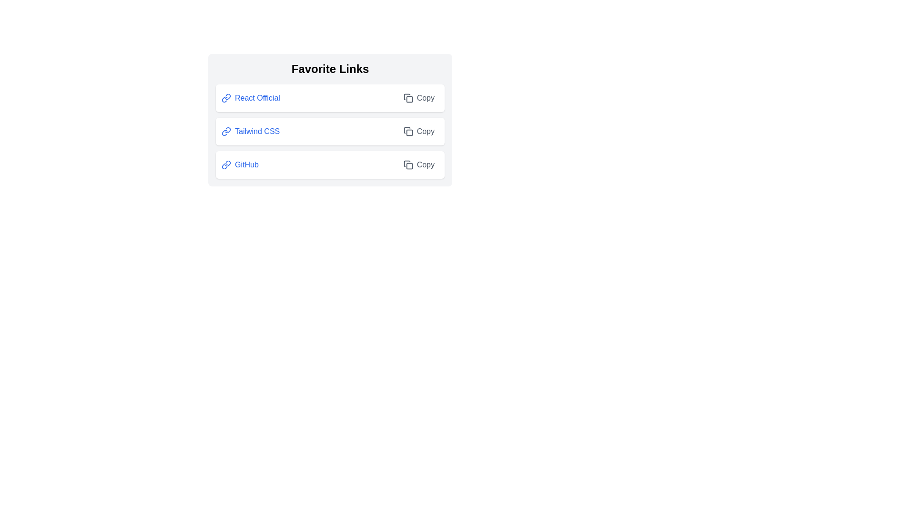 The image size is (915, 515). I want to click on the 'Copy' text label, which is the rightmost text inside the 'Copy' button associated with 'GitHub', located beside an icon, so click(425, 165).